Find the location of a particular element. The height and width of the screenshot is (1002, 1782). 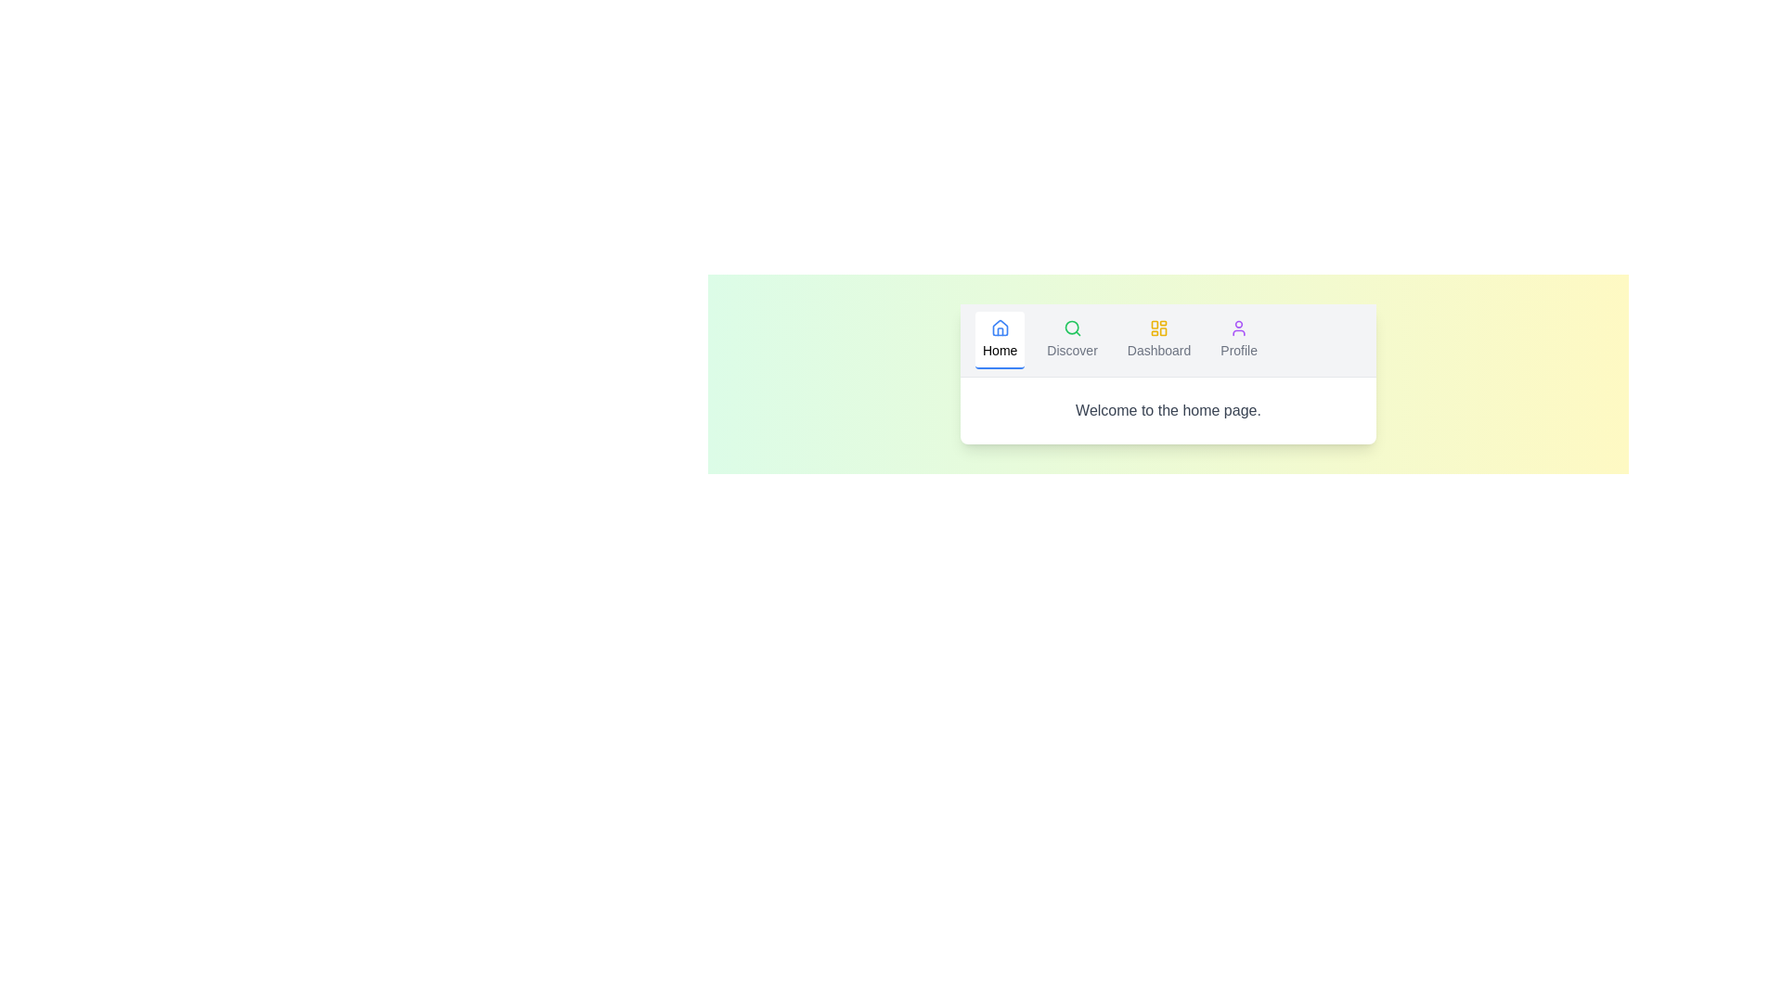

the Profile tab to display its content is located at coordinates (1239, 340).